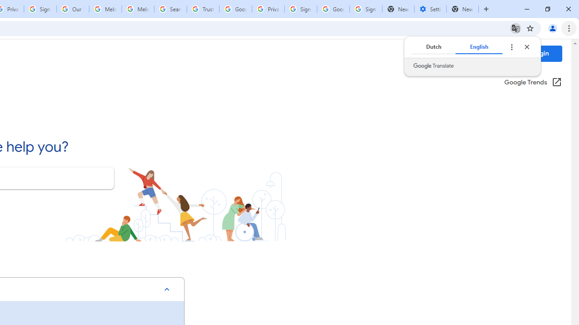 This screenshot has height=325, width=579. What do you see at coordinates (235, 9) in the screenshot?
I see `'Google Ads - Sign in'` at bounding box center [235, 9].